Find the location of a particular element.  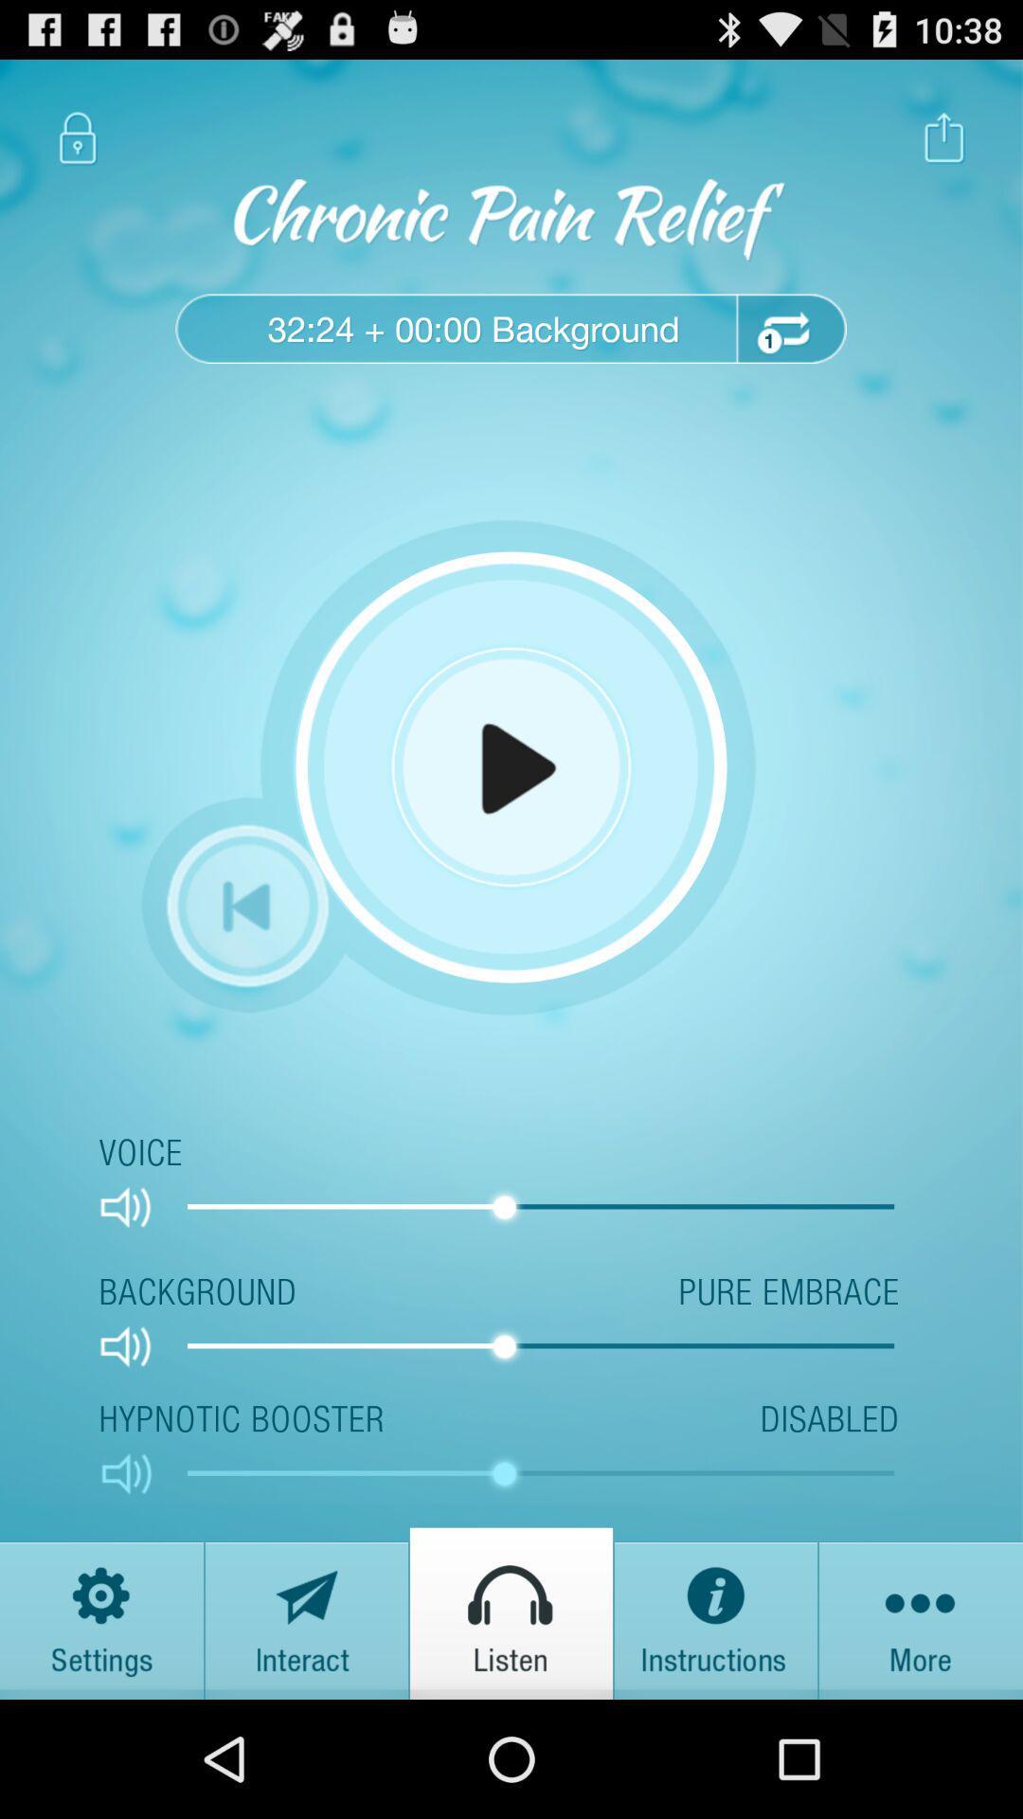

the more icon is located at coordinates (920, 1725).